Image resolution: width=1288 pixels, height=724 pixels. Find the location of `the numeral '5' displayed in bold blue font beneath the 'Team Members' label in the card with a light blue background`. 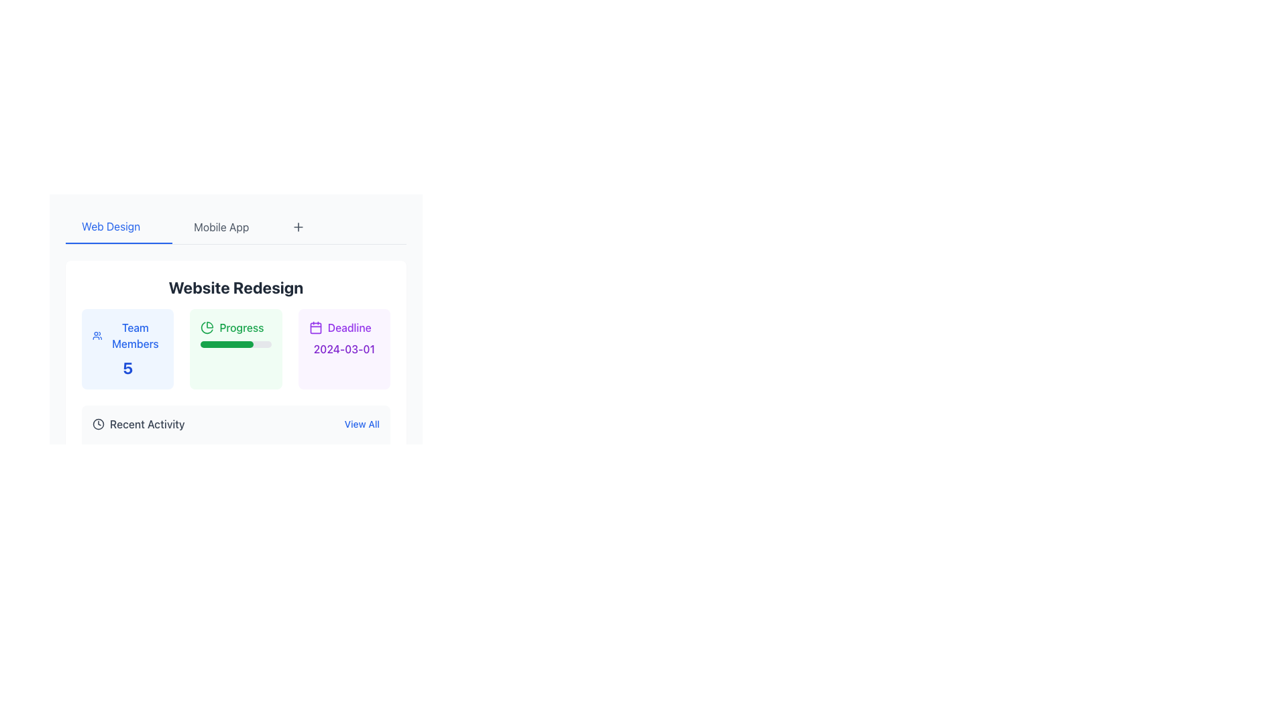

the numeral '5' displayed in bold blue font beneath the 'Team Members' label in the card with a light blue background is located at coordinates (127, 367).